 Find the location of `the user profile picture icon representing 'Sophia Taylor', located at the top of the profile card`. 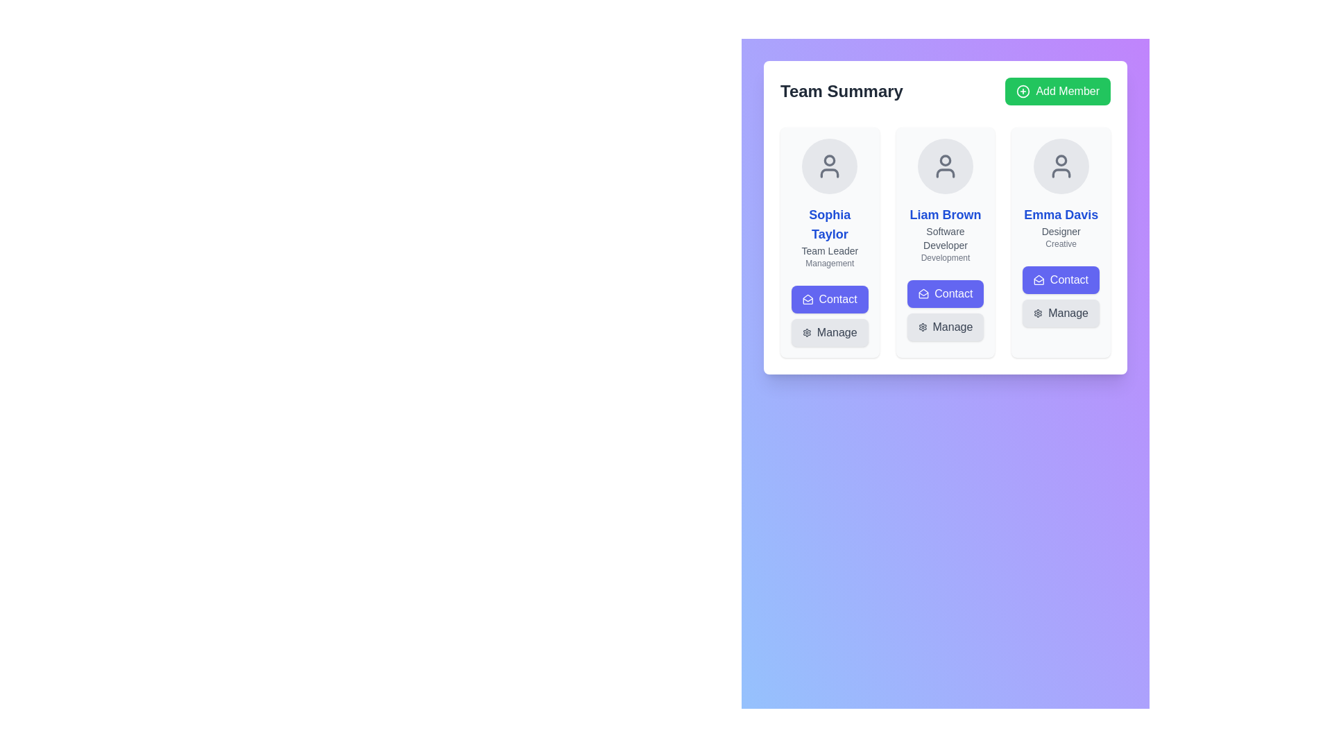

the user profile picture icon representing 'Sophia Taylor', located at the top of the profile card is located at coordinates (830, 165).